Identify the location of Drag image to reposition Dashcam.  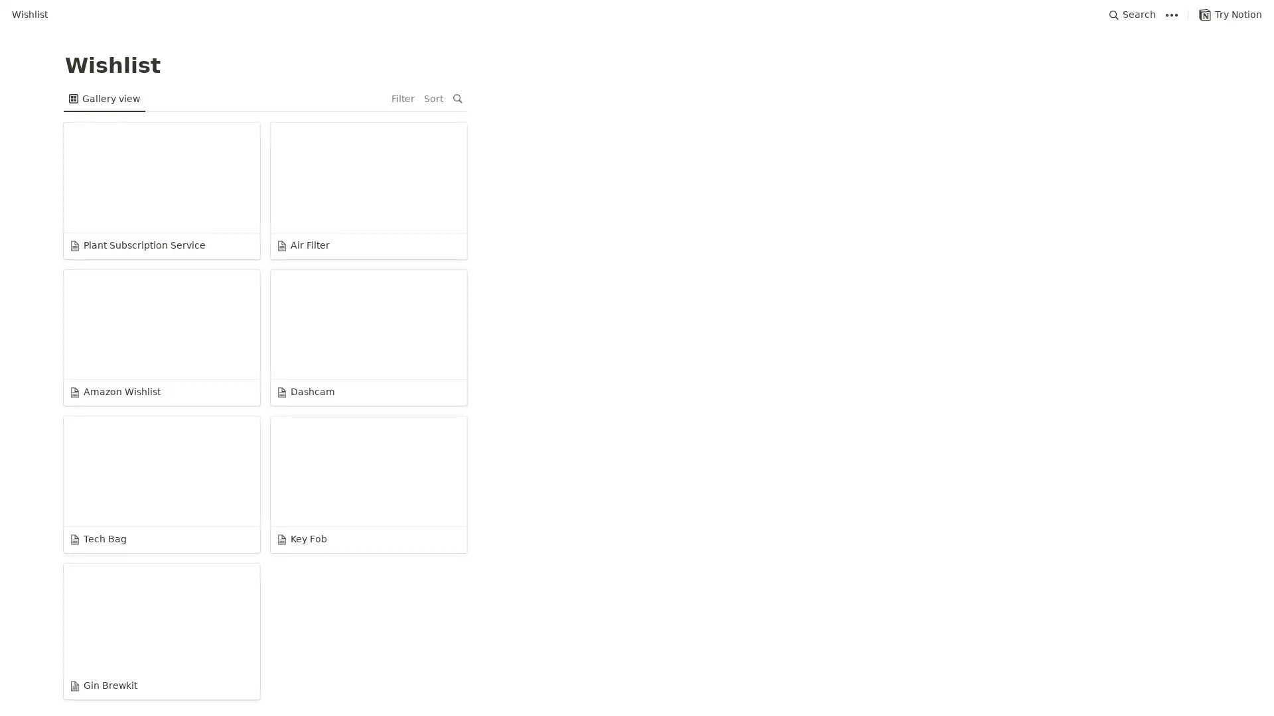
(732, 196).